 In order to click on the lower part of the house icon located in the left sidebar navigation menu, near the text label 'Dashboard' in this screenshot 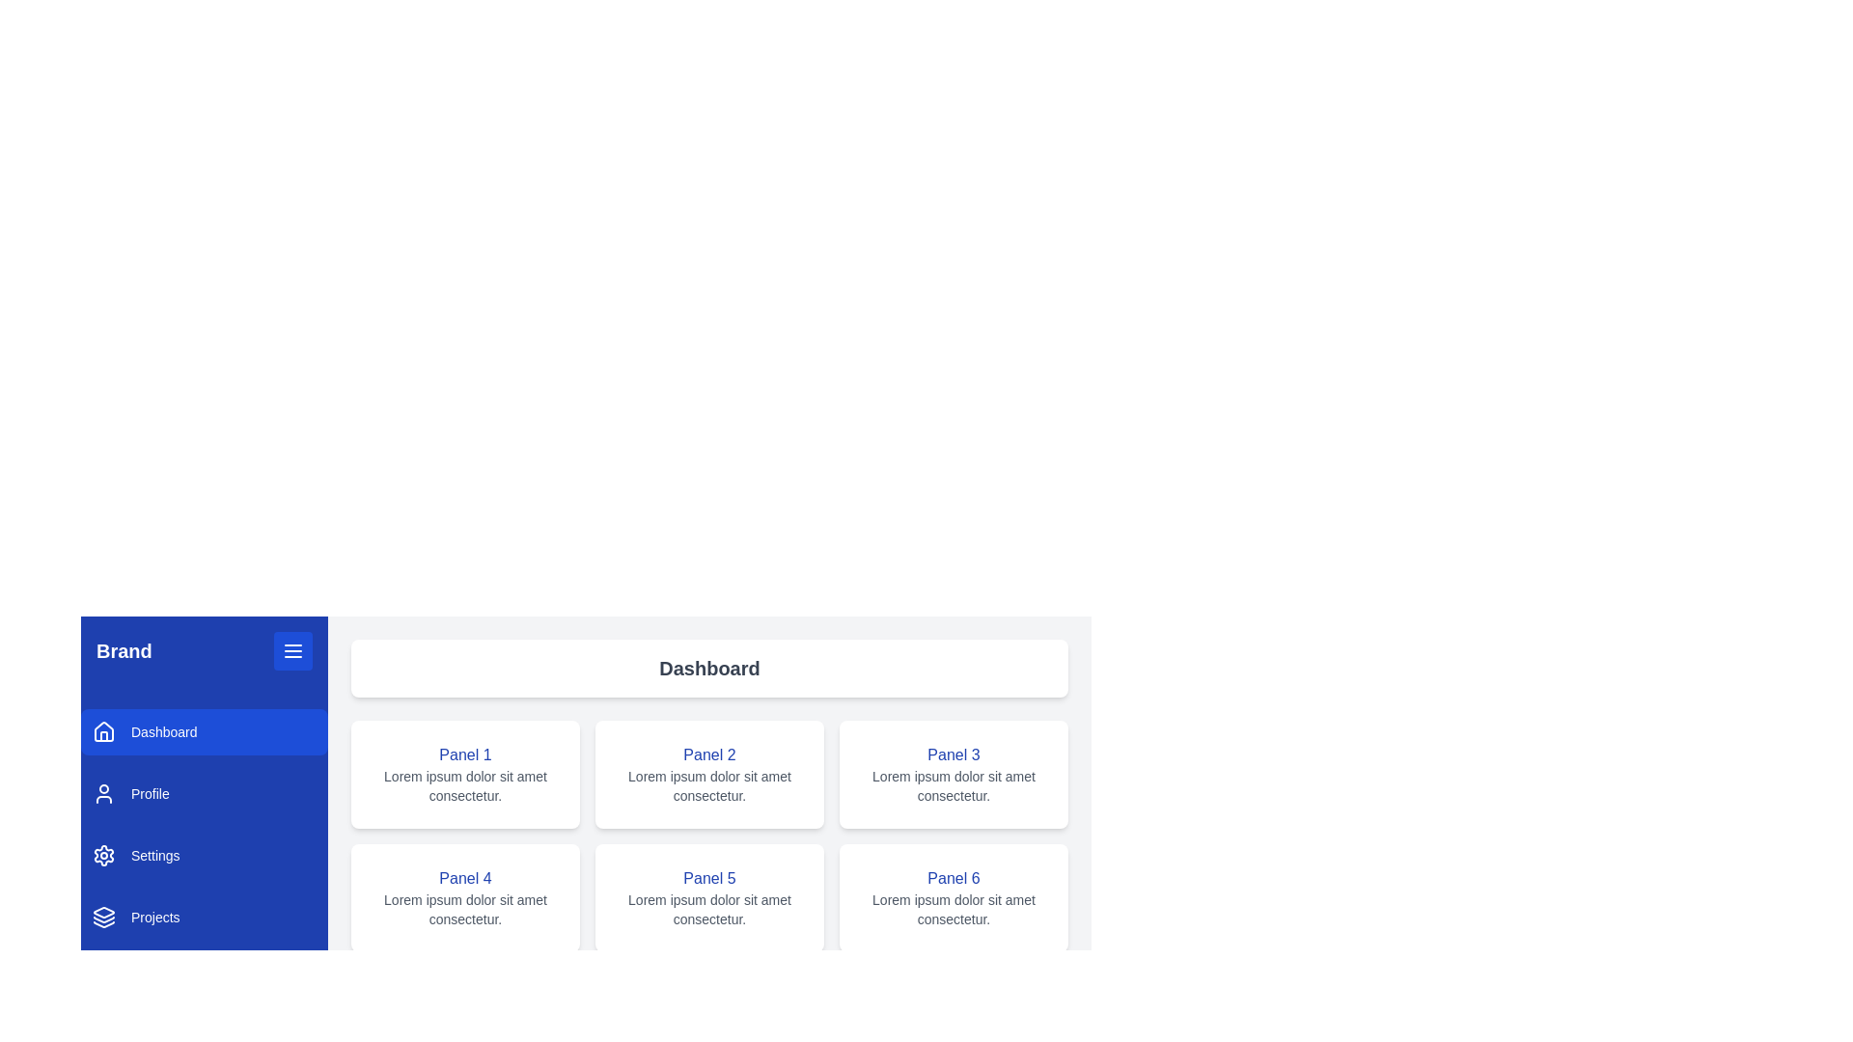, I will do `click(103, 736)`.